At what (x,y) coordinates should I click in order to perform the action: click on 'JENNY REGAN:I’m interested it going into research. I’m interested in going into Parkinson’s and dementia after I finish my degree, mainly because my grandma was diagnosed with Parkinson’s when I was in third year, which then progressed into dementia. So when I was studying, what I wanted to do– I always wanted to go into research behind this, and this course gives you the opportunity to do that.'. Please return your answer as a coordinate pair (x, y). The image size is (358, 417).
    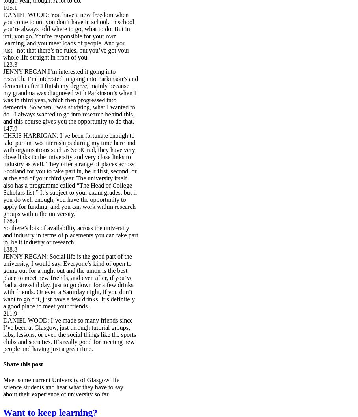
    Looking at the image, I should click on (70, 96).